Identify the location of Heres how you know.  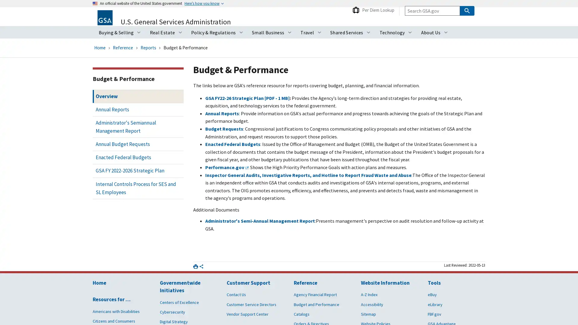
(202, 3).